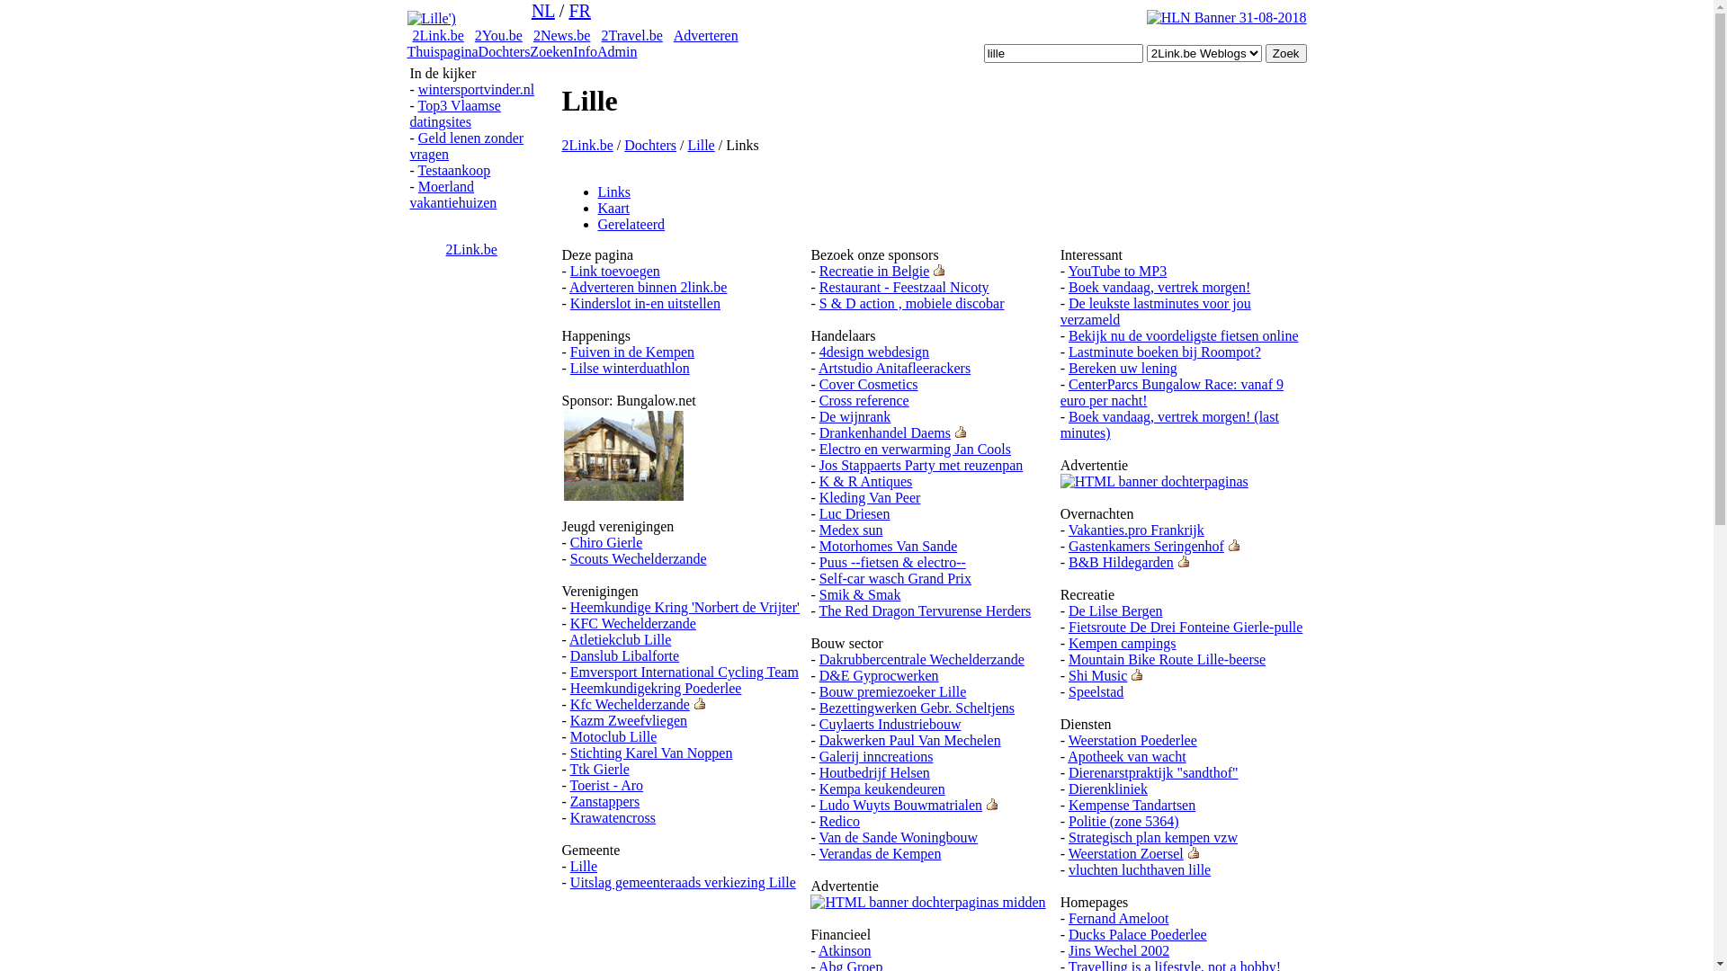 The height and width of the screenshot is (971, 1727). Describe the element at coordinates (650, 753) in the screenshot. I see `'Stichting Karel Van Noppen'` at that location.